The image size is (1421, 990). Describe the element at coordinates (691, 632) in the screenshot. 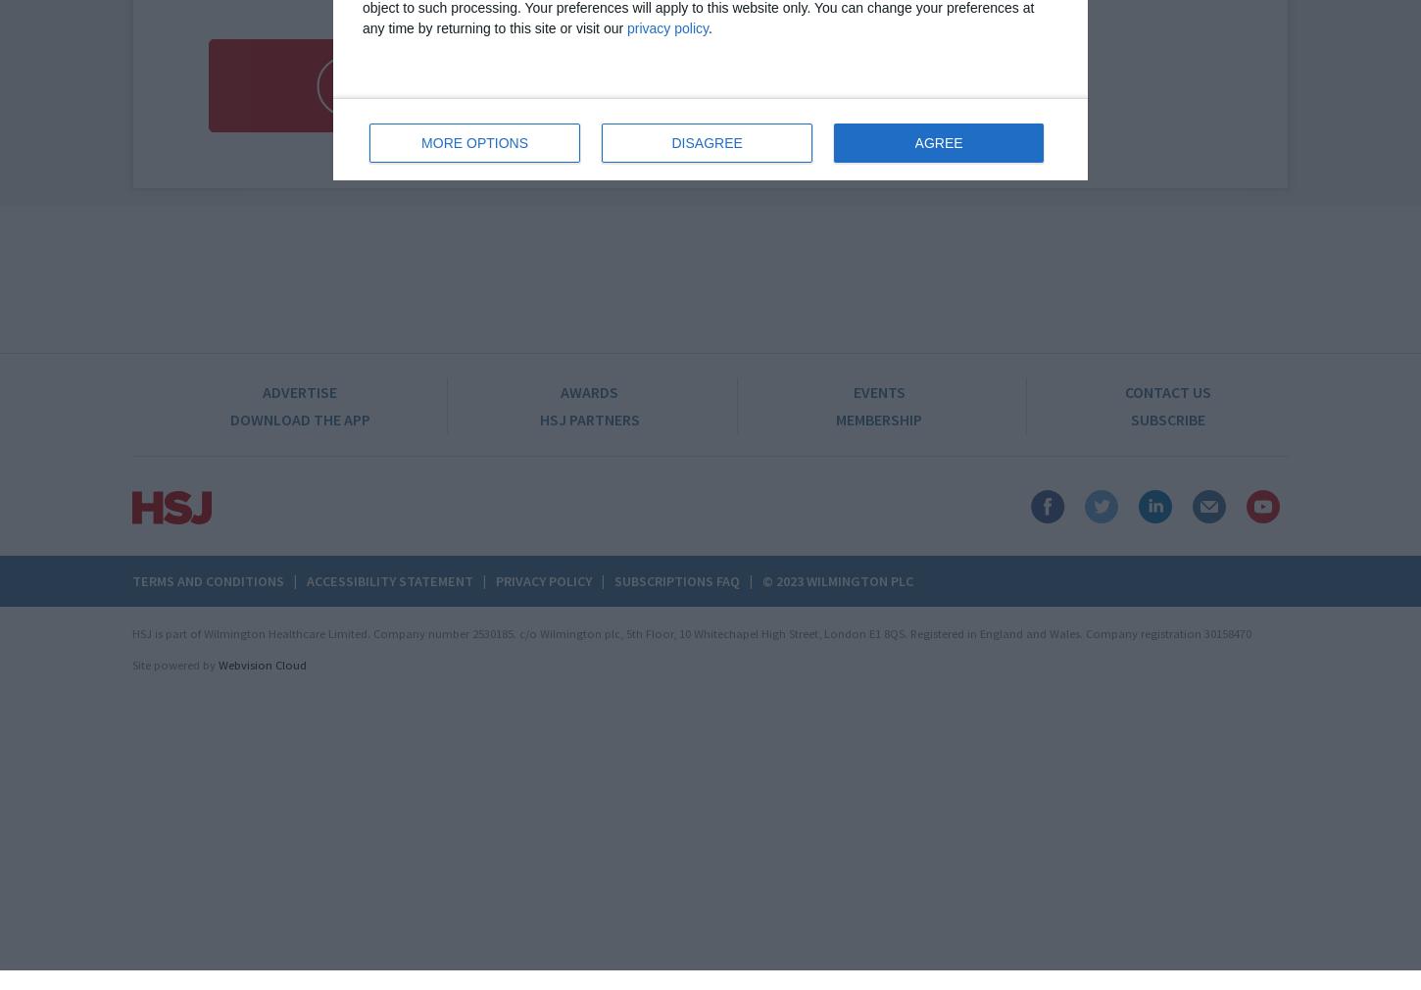

I see `'HSJ is part of Wilmington Healthcare Limited. Company number 2530185.
c/o Wilmington plc, 5th Floor, 10 Whitechapel High Street, London E1 8QS. Registered in England and Wales. Company registration 30158470'` at that location.